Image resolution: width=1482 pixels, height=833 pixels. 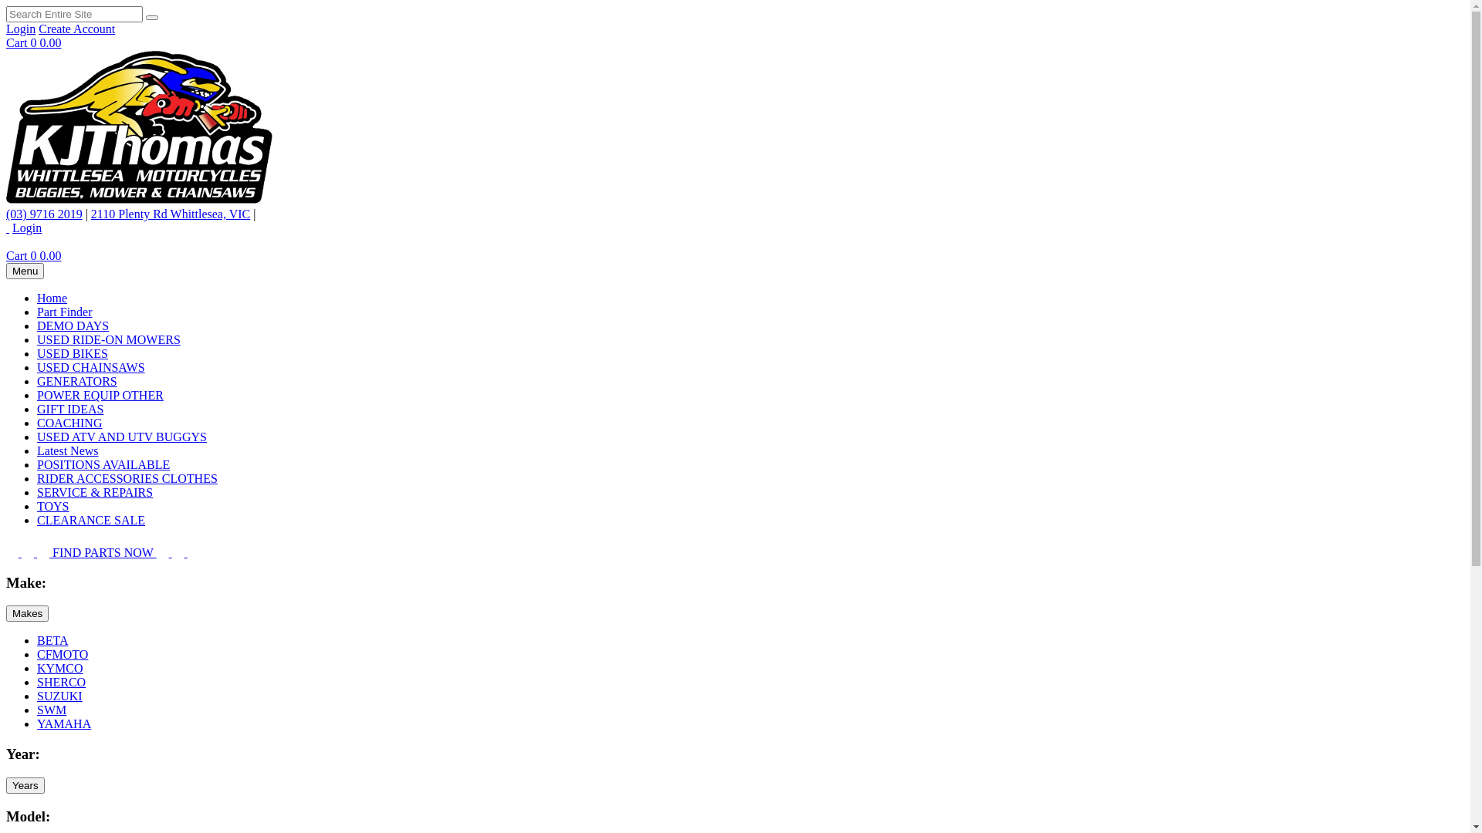 I want to click on 'Makes', so click(x=6, y=612).